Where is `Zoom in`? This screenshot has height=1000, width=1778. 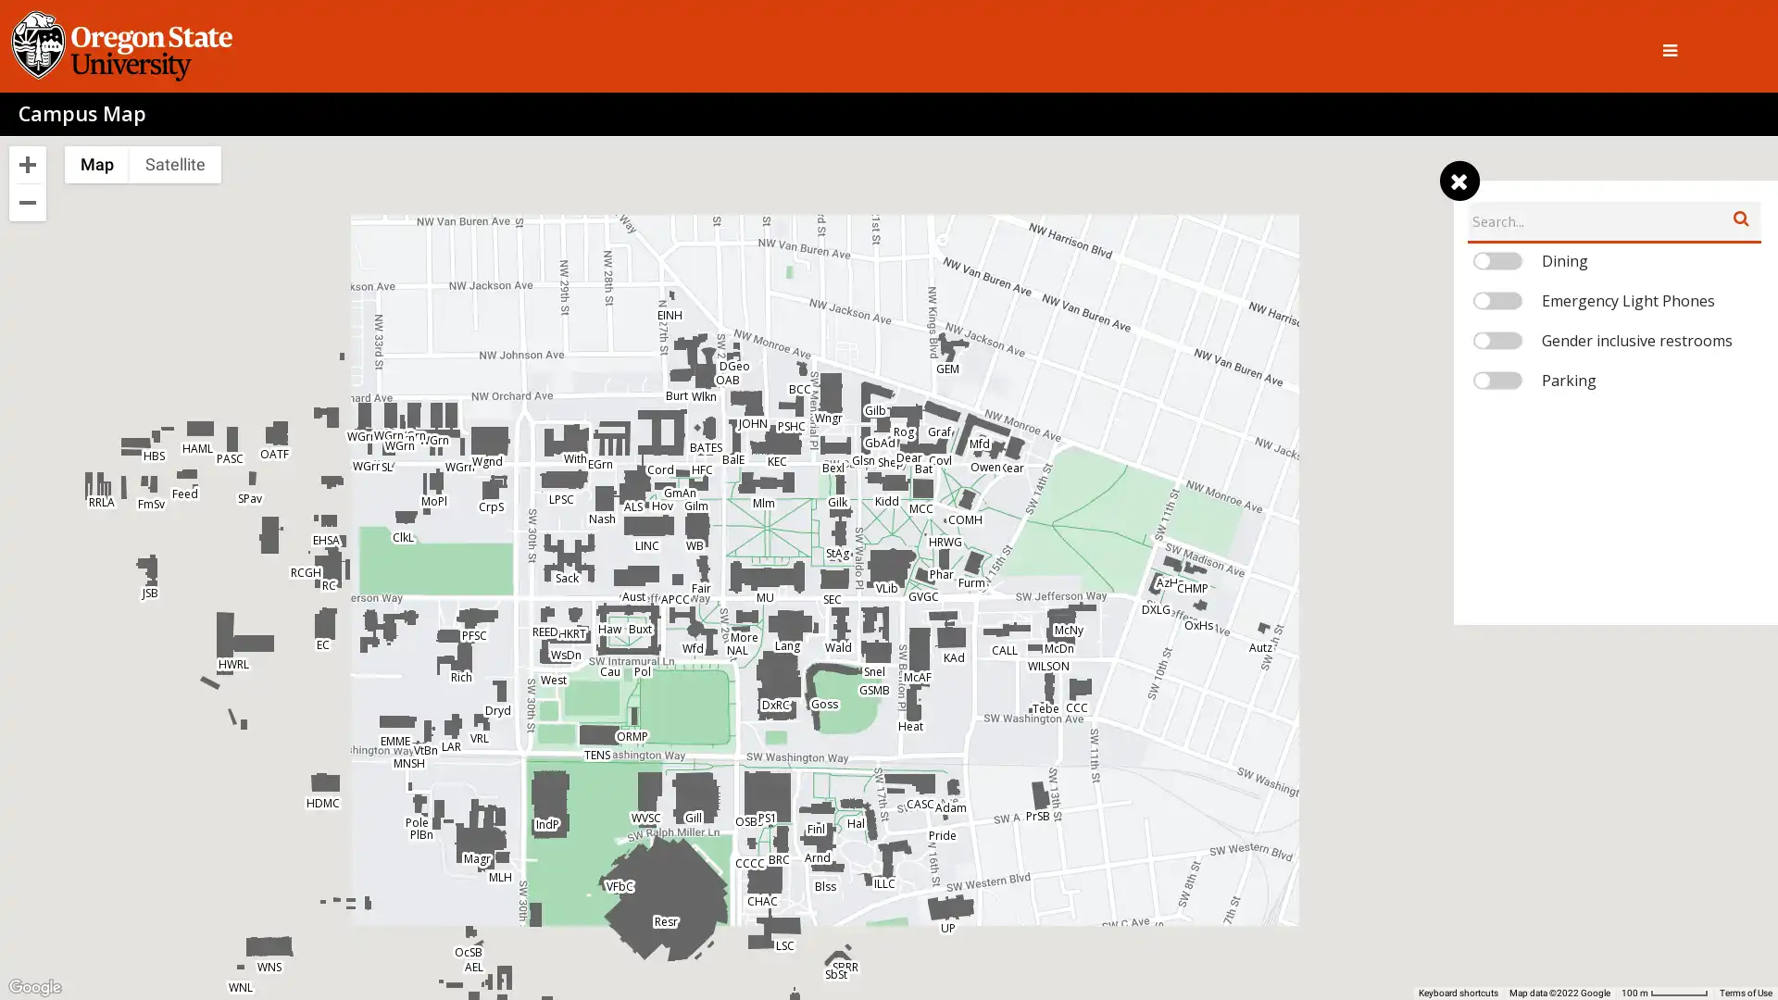
Zoom in is located at coordinates (27, 163).